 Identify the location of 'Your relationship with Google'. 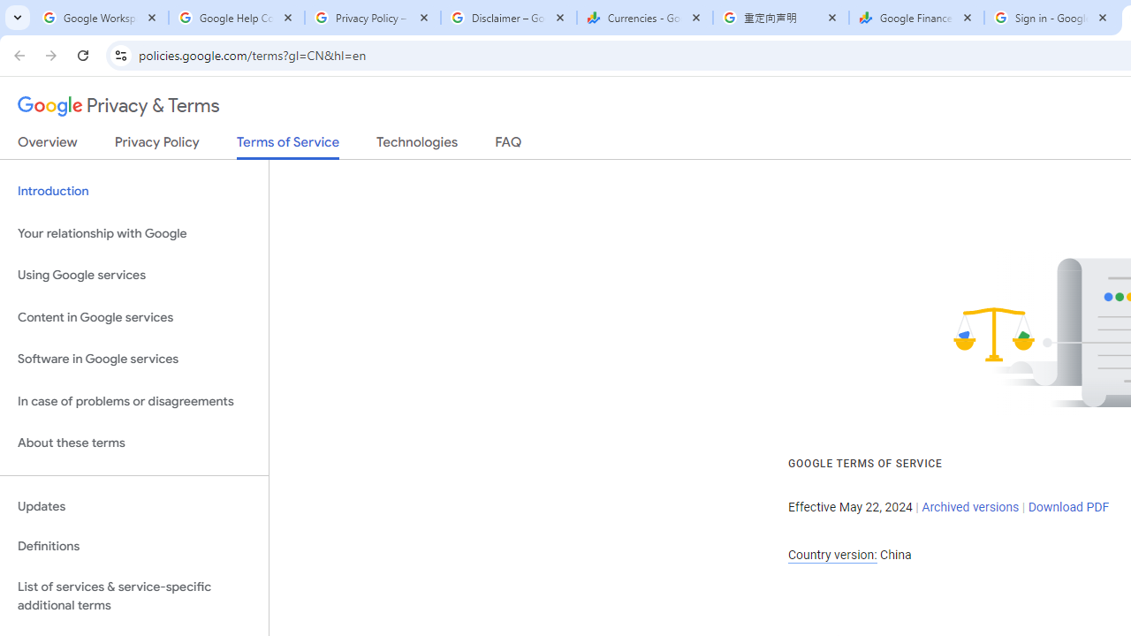
(133, 232).